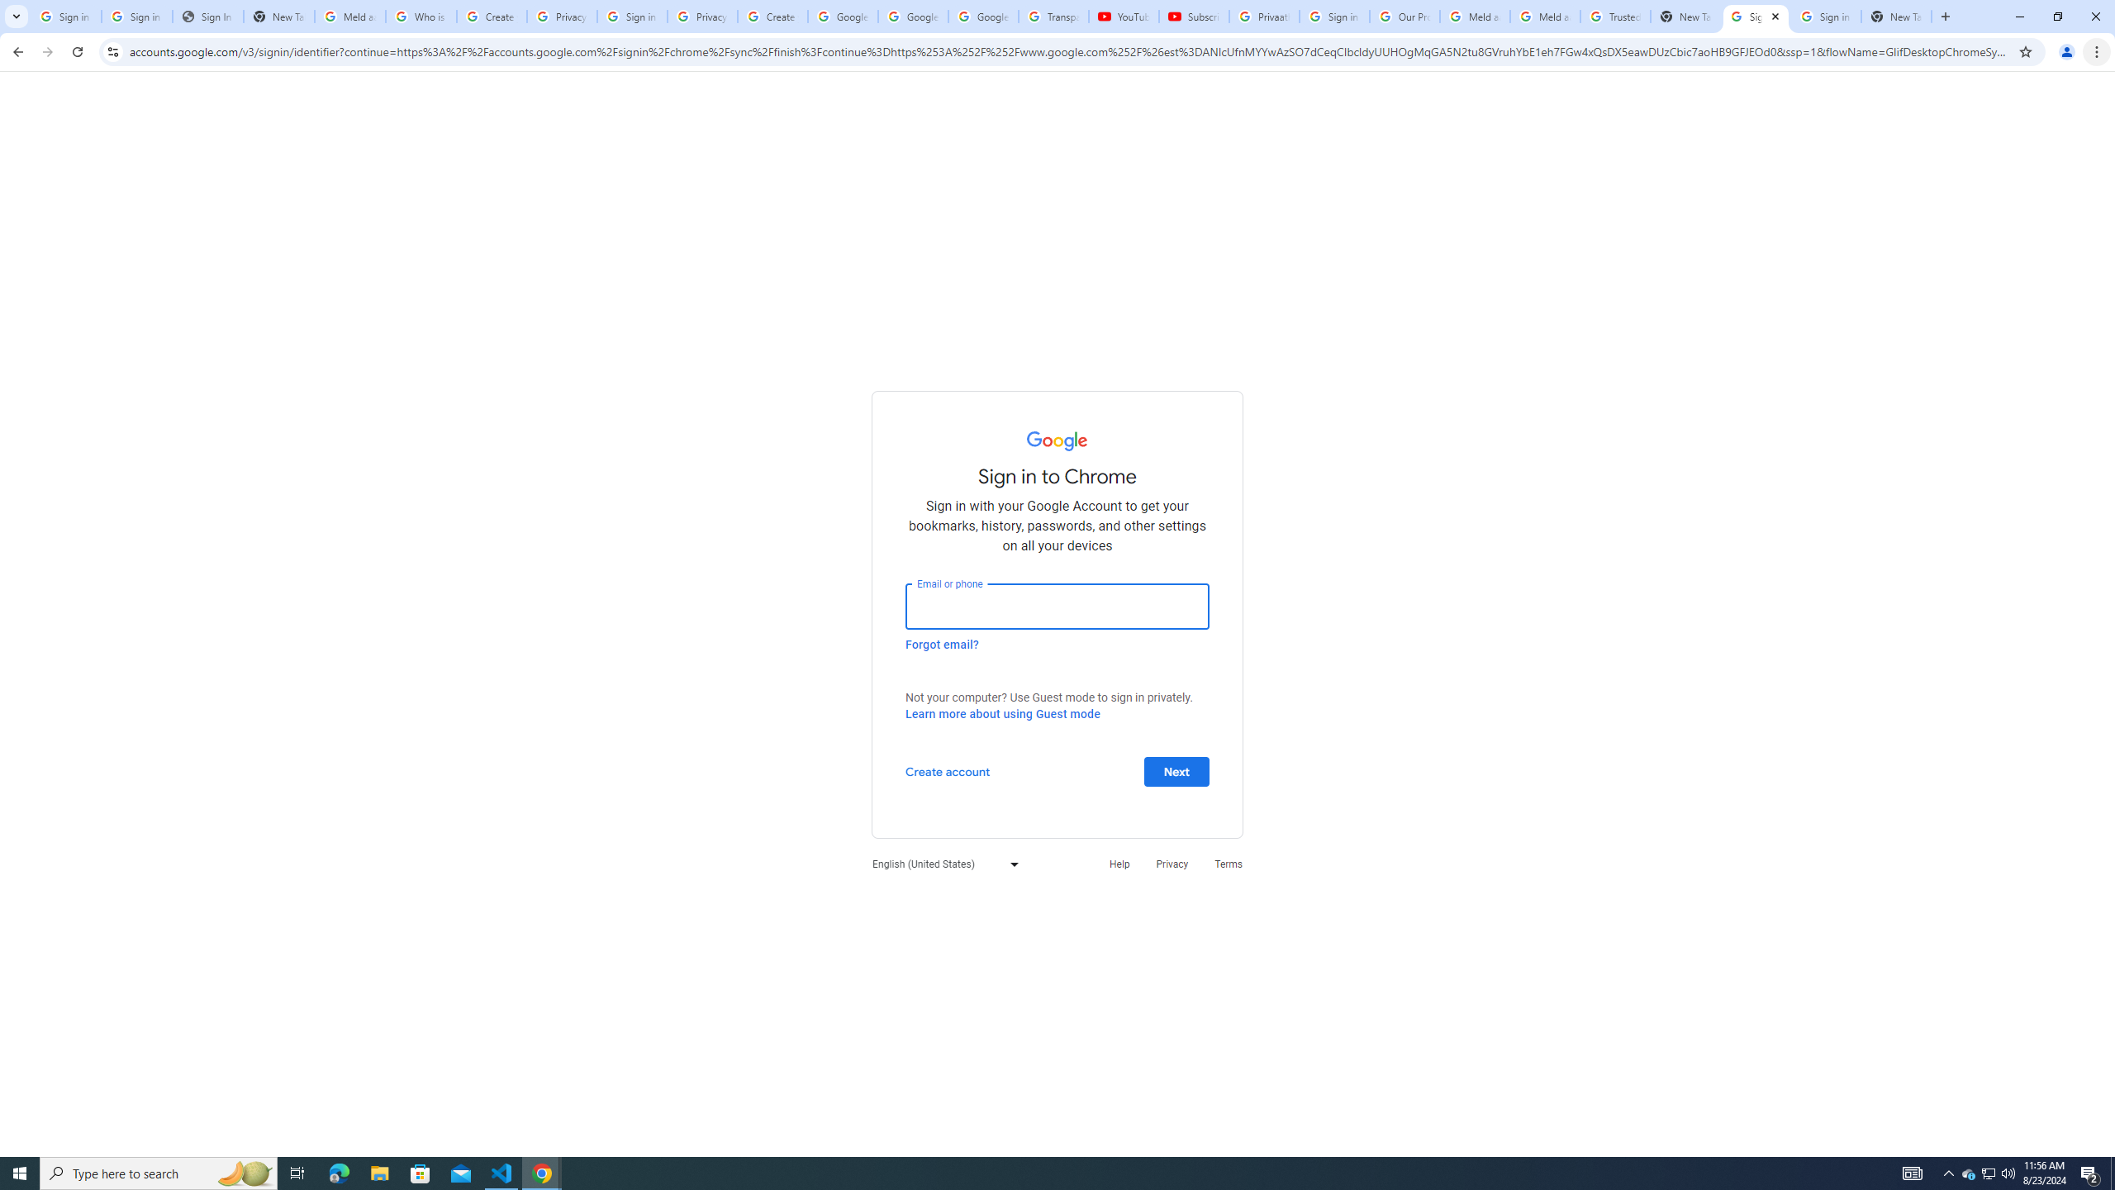 The height and width of the screenshot is (1190, 2115). Describe the element at coordinates (1057, 605) in the screenshot. I see `'Email or phone'` at that location.